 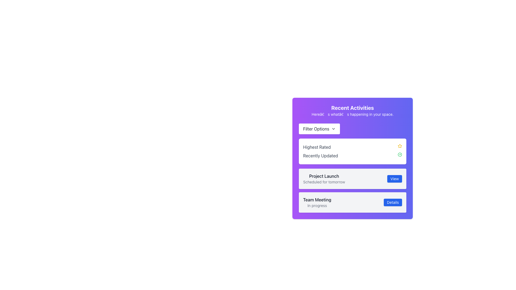 I want to click on the button located at the far-right edge of the card displaying 'Project Launch', so click(x=395, y=179).